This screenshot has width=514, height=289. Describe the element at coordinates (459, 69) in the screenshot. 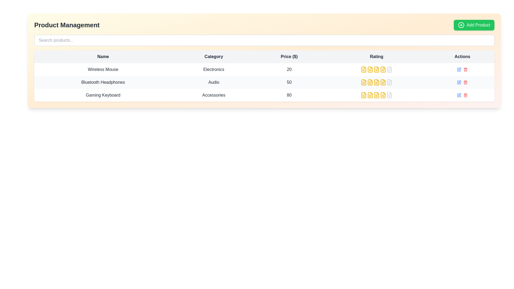

I see `the pen icon in the 'Actions' column for the 'Bluetooth Headphones' product entry` at that location.